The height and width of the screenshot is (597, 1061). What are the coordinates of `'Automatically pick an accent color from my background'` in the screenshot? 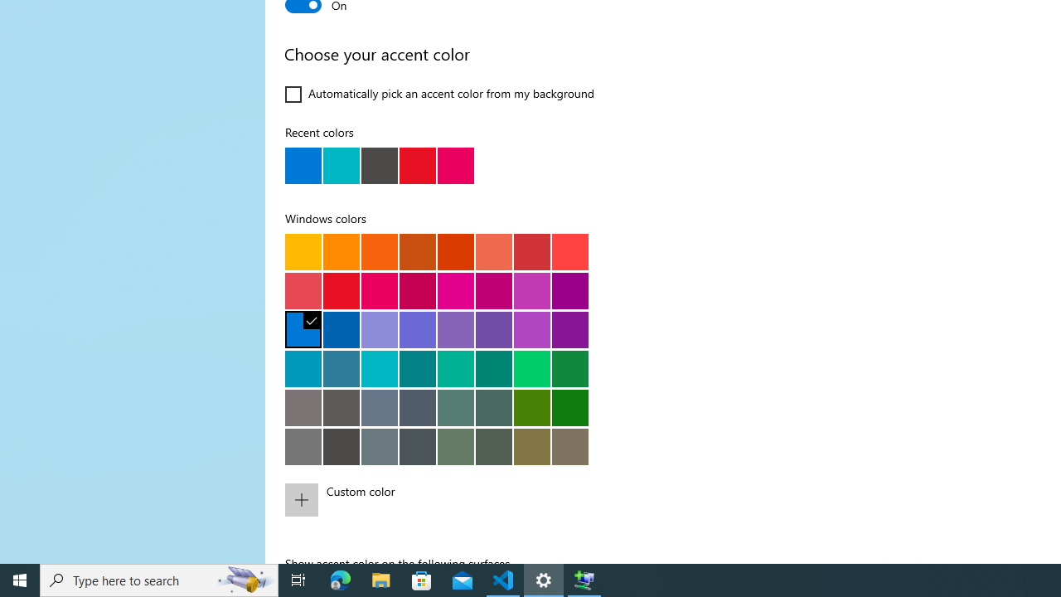 It's located at (440, 95).